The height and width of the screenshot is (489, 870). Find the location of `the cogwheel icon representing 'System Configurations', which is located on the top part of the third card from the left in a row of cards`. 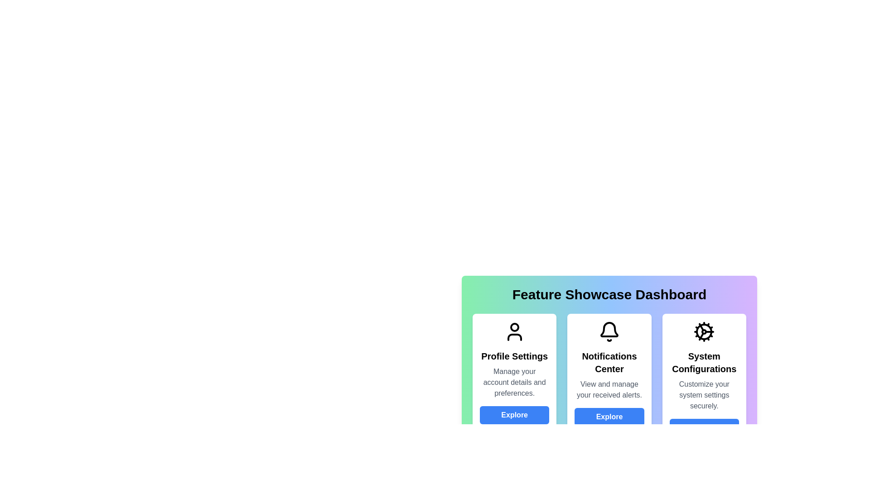

the cogwheel icon representing 'System Configurations', which is located on the top part of the third card from the left in a row of cards is located at coordinates (704, 331).